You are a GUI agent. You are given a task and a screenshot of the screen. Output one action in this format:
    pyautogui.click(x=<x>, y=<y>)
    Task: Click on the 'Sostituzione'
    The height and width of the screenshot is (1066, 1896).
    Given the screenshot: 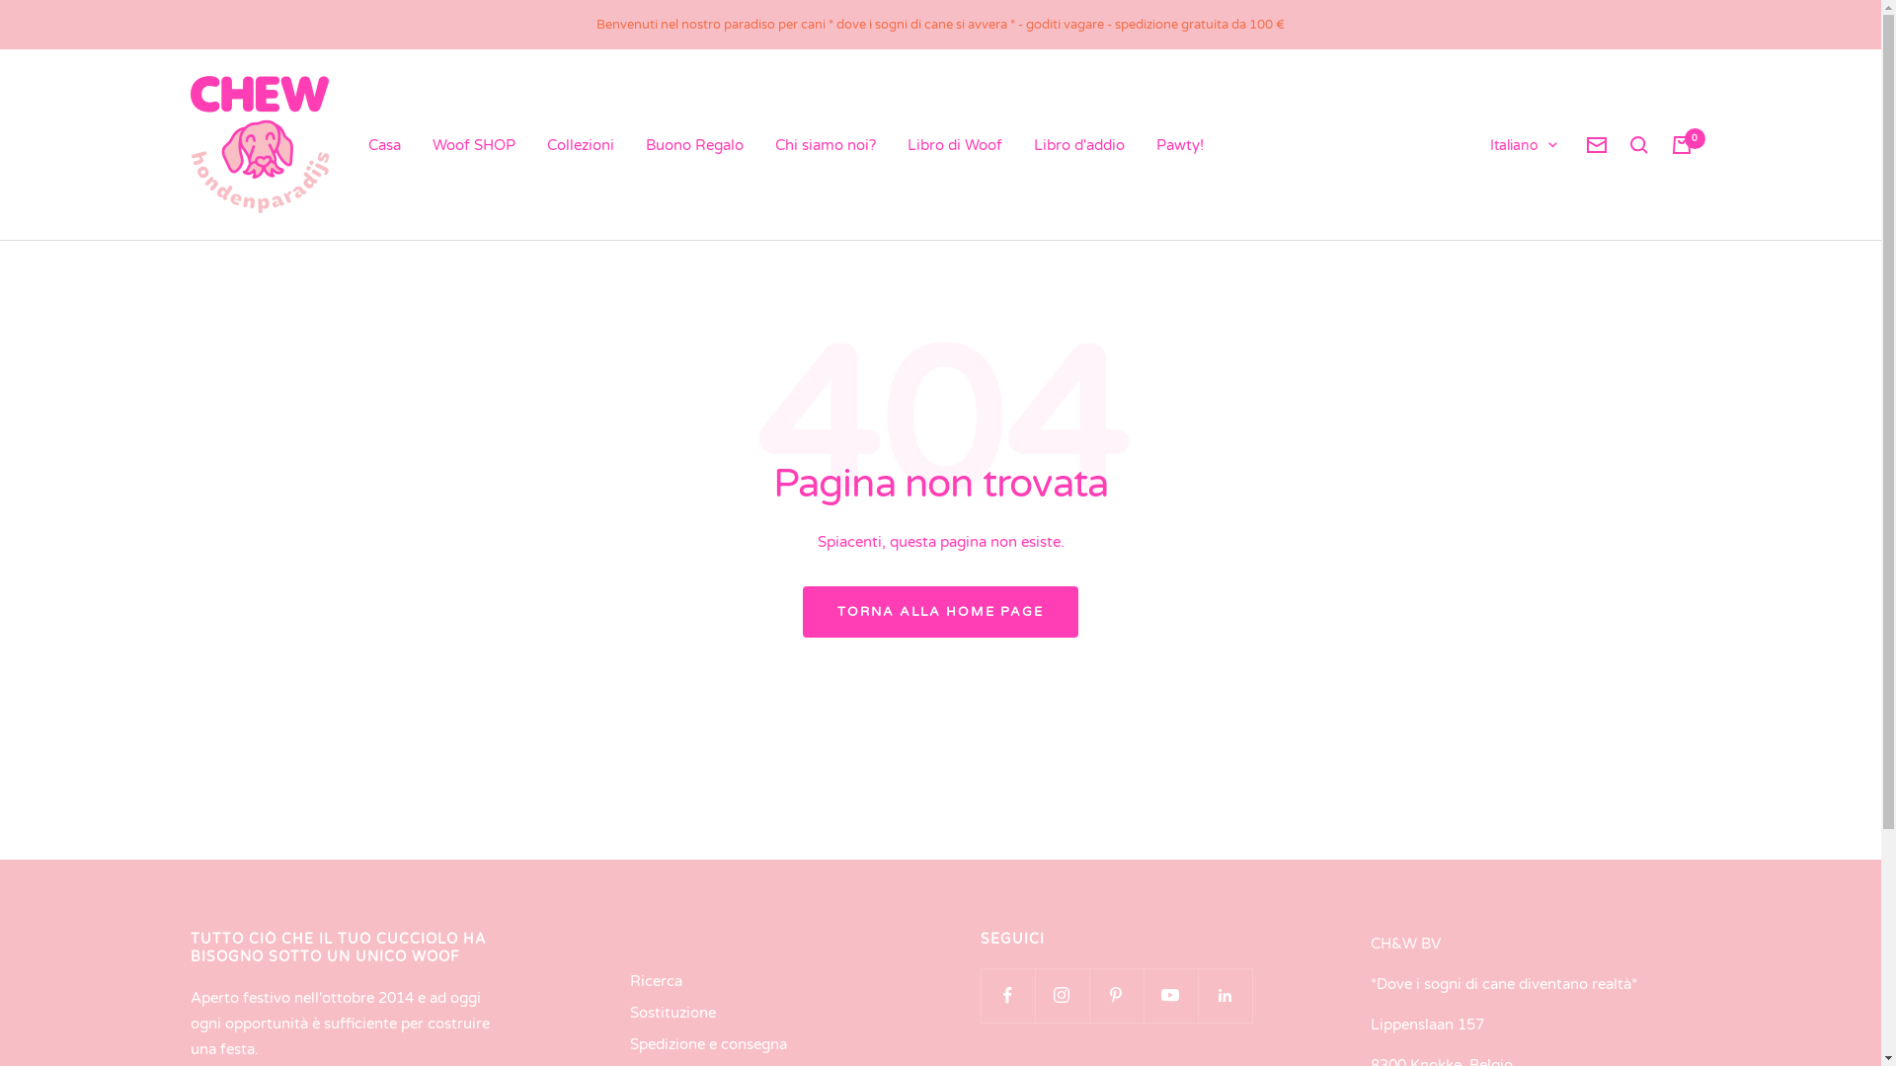 What is the action you would take?
    pyautogui.click(x=672, y=1013)
    